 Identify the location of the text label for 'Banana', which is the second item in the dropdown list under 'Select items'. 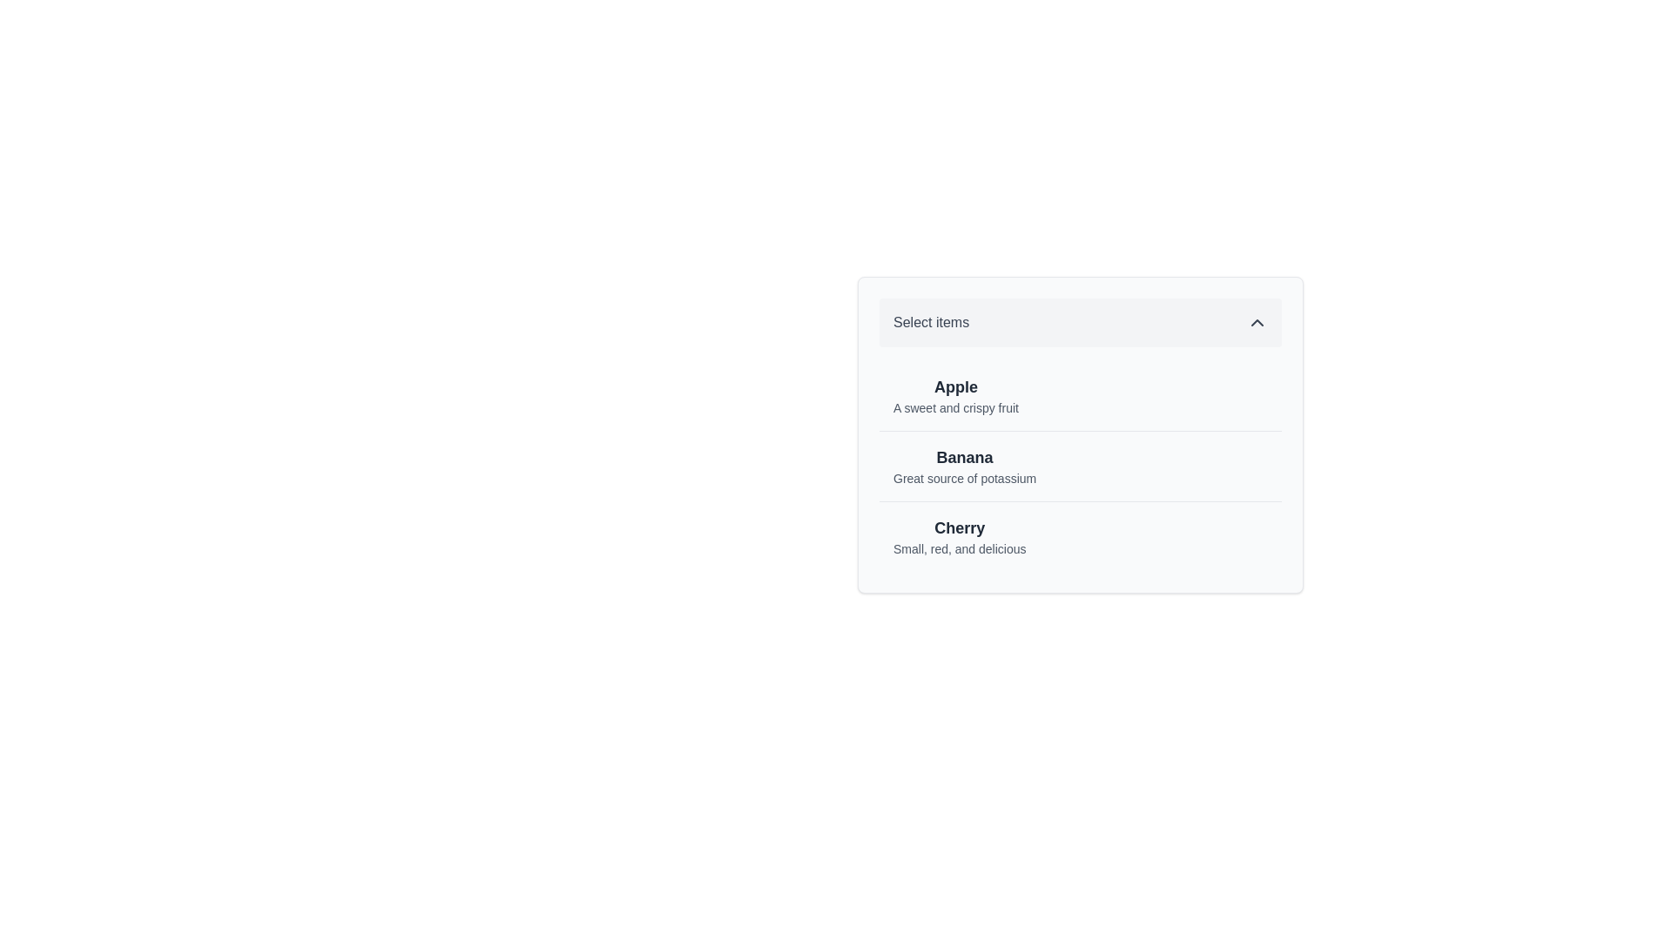
(964, 456).